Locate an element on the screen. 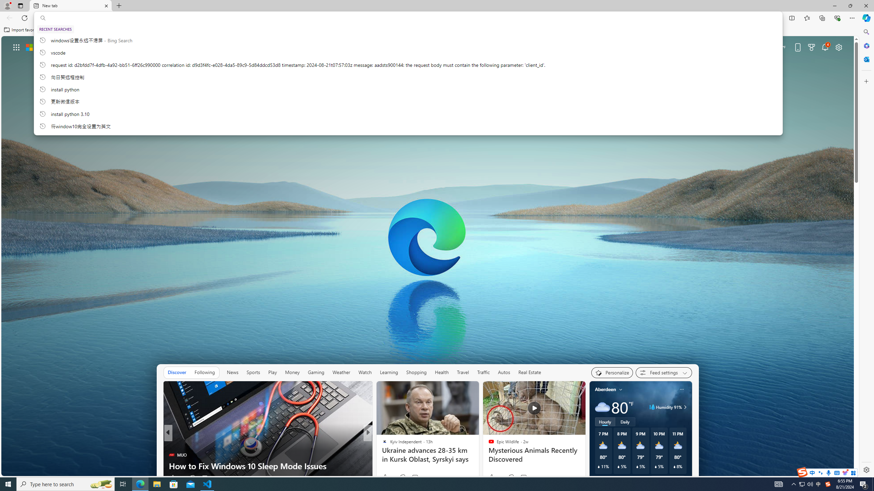 This screenshot has width=874, height=491. 'Class: weather-arrow-glyph' is located at coordinates (685, 406).